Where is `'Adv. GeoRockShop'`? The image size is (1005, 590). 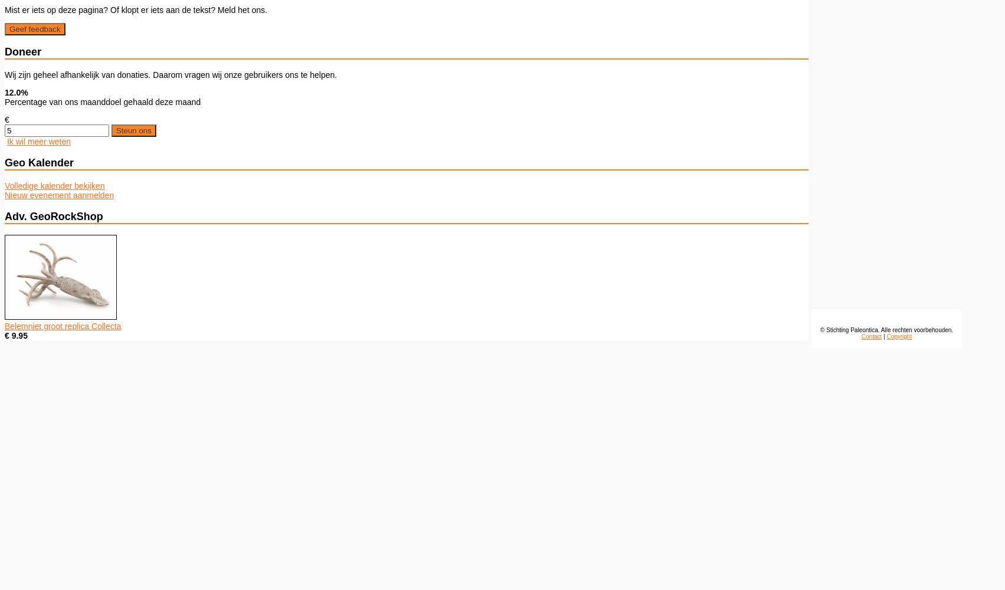
'Adv. GeoRockShop' is located at coordinates (5, 215).